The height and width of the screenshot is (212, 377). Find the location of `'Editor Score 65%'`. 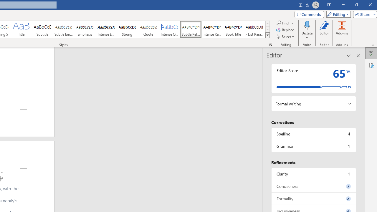

'Editor Score 65%' is located at coordinates (313, 78).